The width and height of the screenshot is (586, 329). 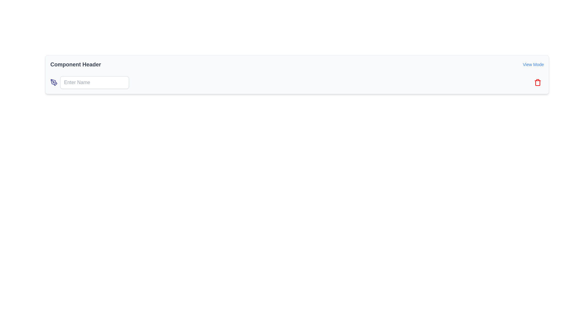 What do you see at coordinates (54, 82) in the screenshot?
I see `the pen tool icon, which is styled with a purple stroke and located to the left of the 'Enter Name' input field` at bounding box center [54, 82].